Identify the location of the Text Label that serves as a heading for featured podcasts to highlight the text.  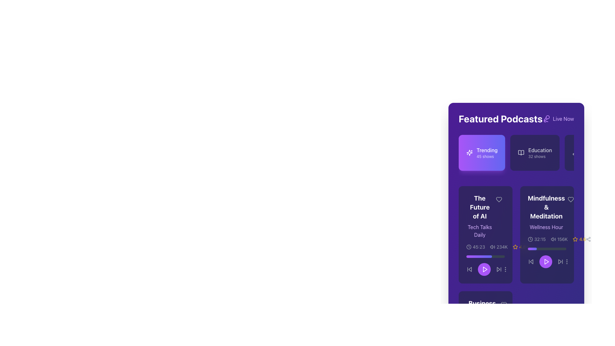
(500, 119).